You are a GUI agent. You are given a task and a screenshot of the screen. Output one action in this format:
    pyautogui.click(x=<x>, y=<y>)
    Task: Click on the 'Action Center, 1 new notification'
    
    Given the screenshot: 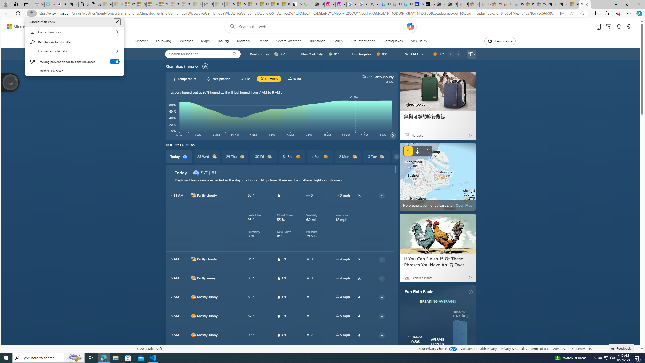 What is the action you would take?
    pyautogui.click(x=637, y=357)
    